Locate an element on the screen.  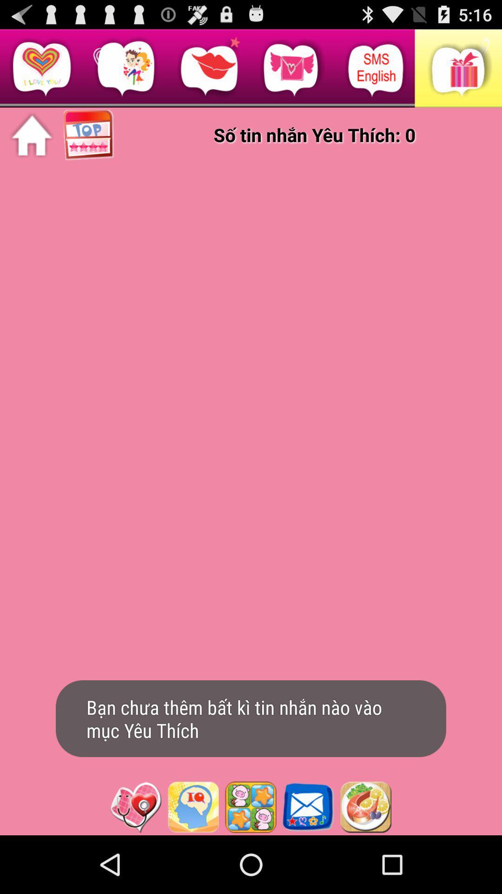
menu button is located at coordinates (365, 806).